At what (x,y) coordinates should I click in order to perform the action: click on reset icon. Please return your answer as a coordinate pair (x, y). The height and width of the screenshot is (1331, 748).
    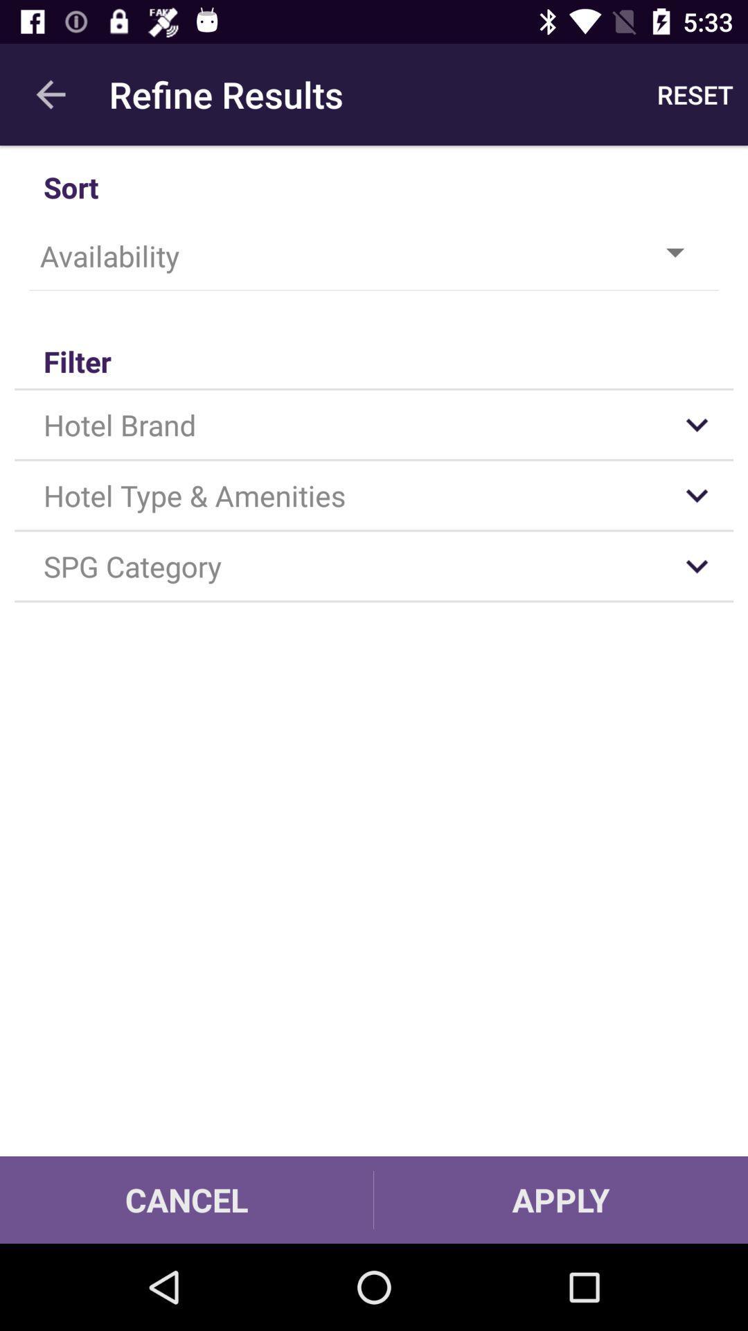
    Looking at the image, I should click on (695, 94).